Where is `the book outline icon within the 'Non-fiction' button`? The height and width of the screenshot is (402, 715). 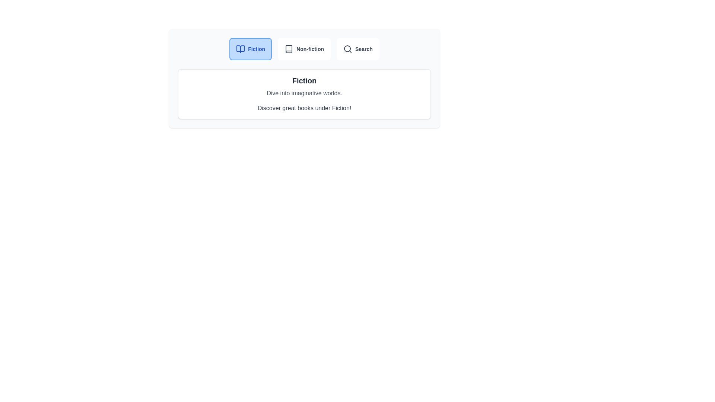
the book outline icon within the 'Non-fiction' button is located at coordinates (289, 49).